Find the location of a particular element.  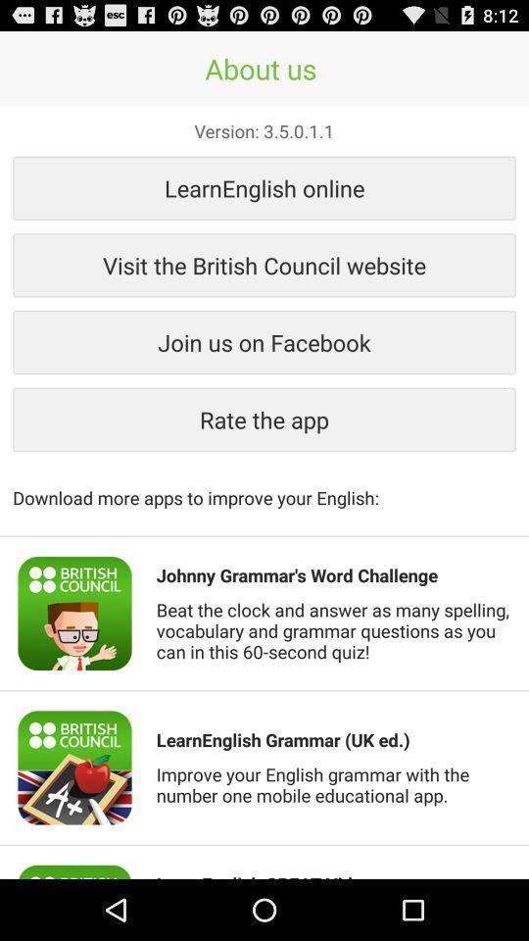

learnenglish online button is located at coordinates (264, 187).